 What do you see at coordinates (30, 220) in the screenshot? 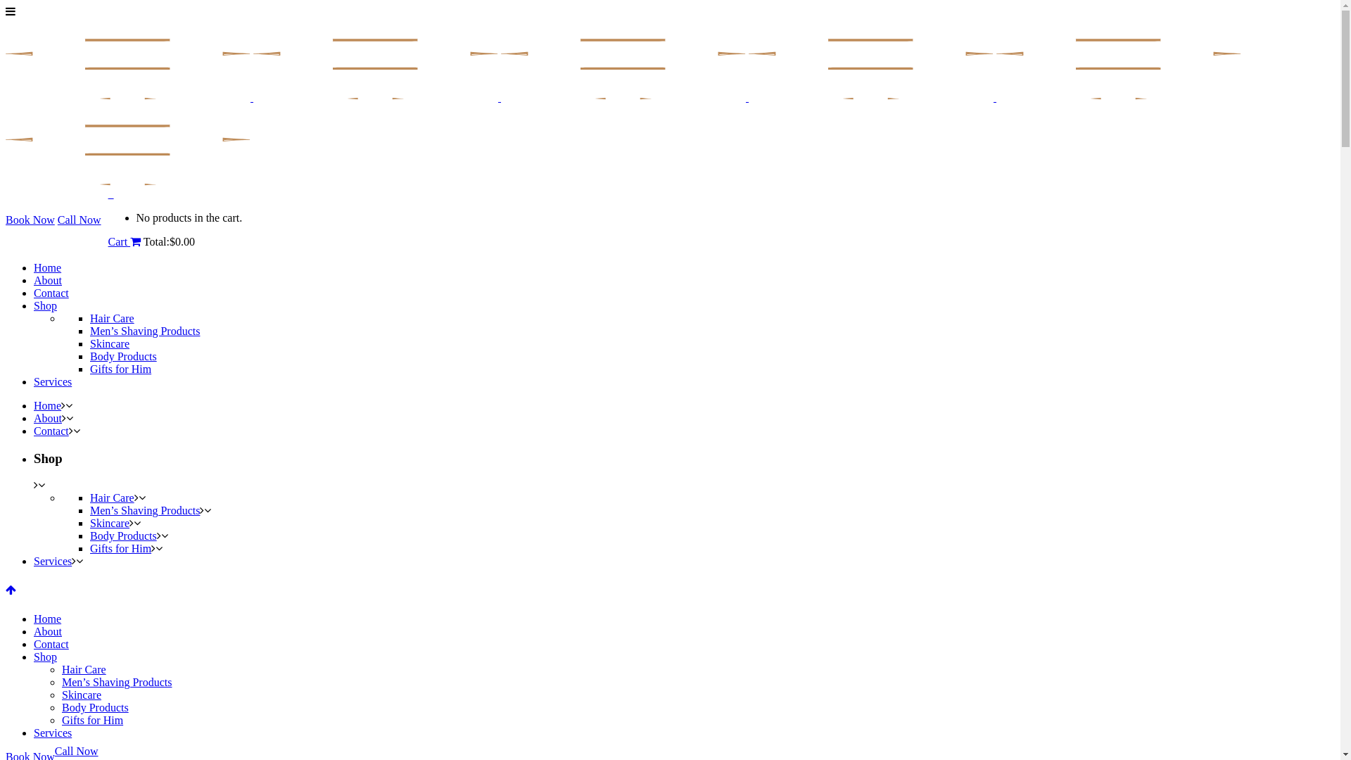
I see `'Book Now'` at bounding box center [30, 220].